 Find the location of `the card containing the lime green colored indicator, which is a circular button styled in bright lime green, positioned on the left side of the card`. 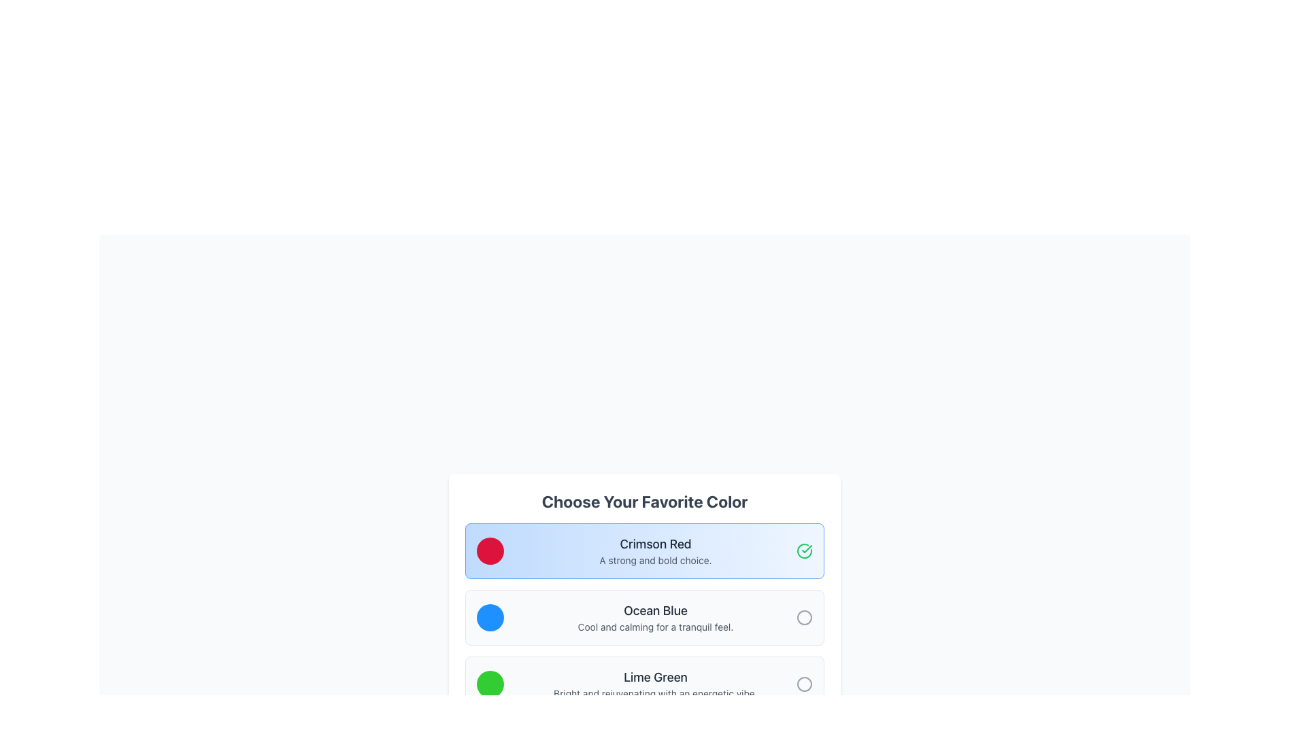

the card containing the lime green colored indicator, which is a circular button styled in bright lime green, positioned on the left side of the card is located at coordinates (490, 684).